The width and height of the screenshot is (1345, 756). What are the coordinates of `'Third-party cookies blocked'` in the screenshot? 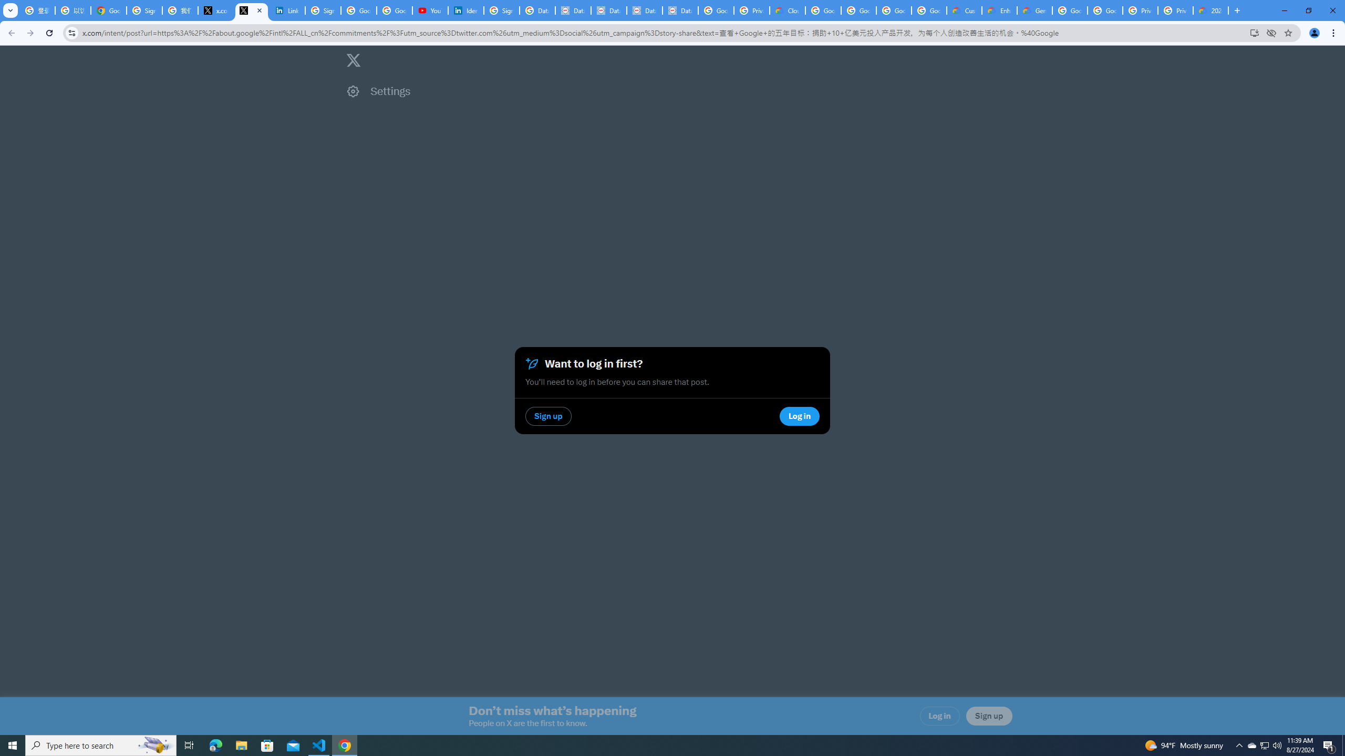 It's located at (1271, 32).